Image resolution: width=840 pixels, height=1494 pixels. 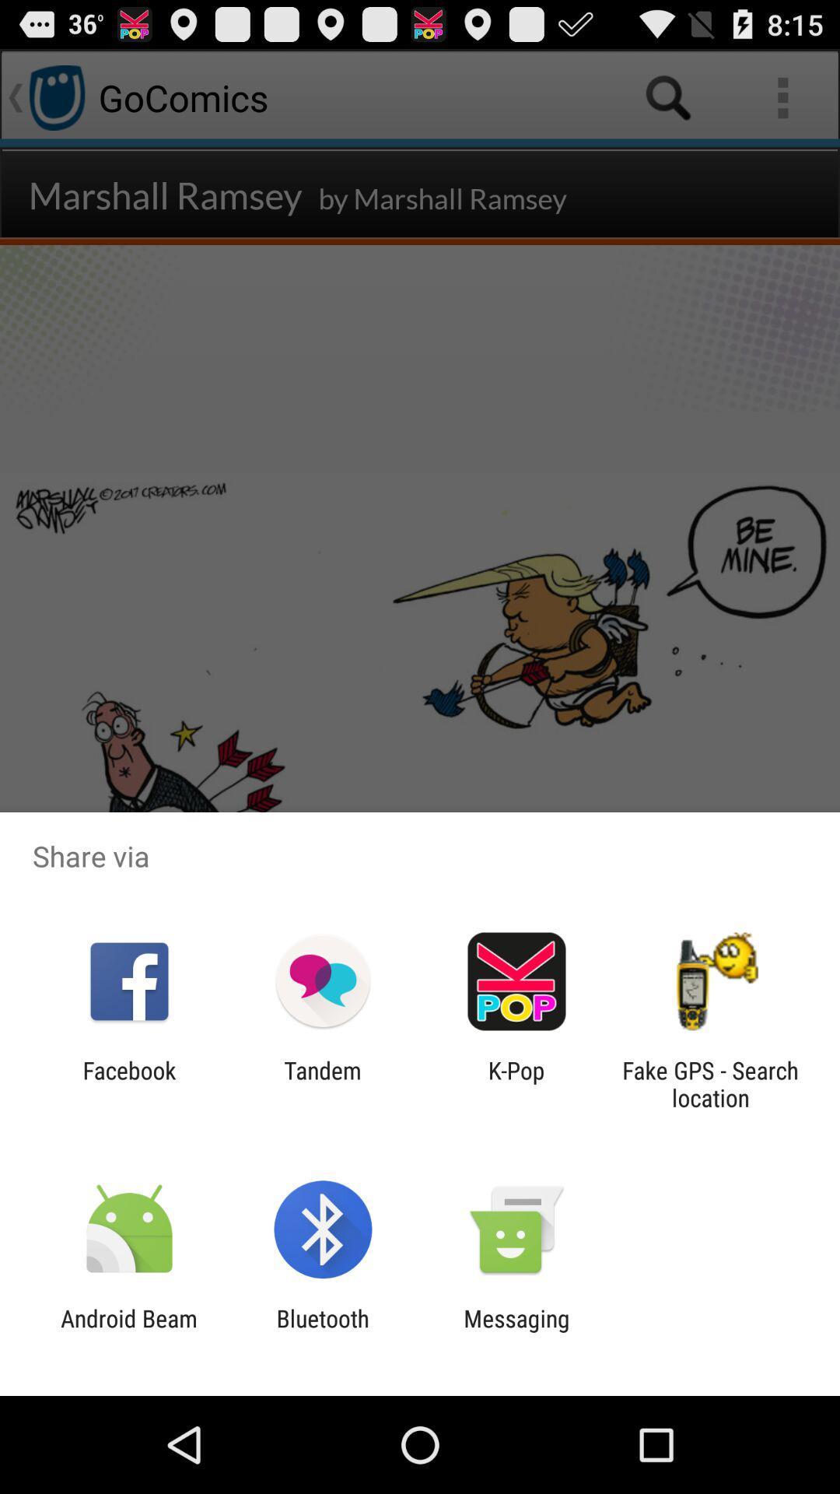 I want to click on the item to the right of bluetooth, so click(x=516, y=1331).